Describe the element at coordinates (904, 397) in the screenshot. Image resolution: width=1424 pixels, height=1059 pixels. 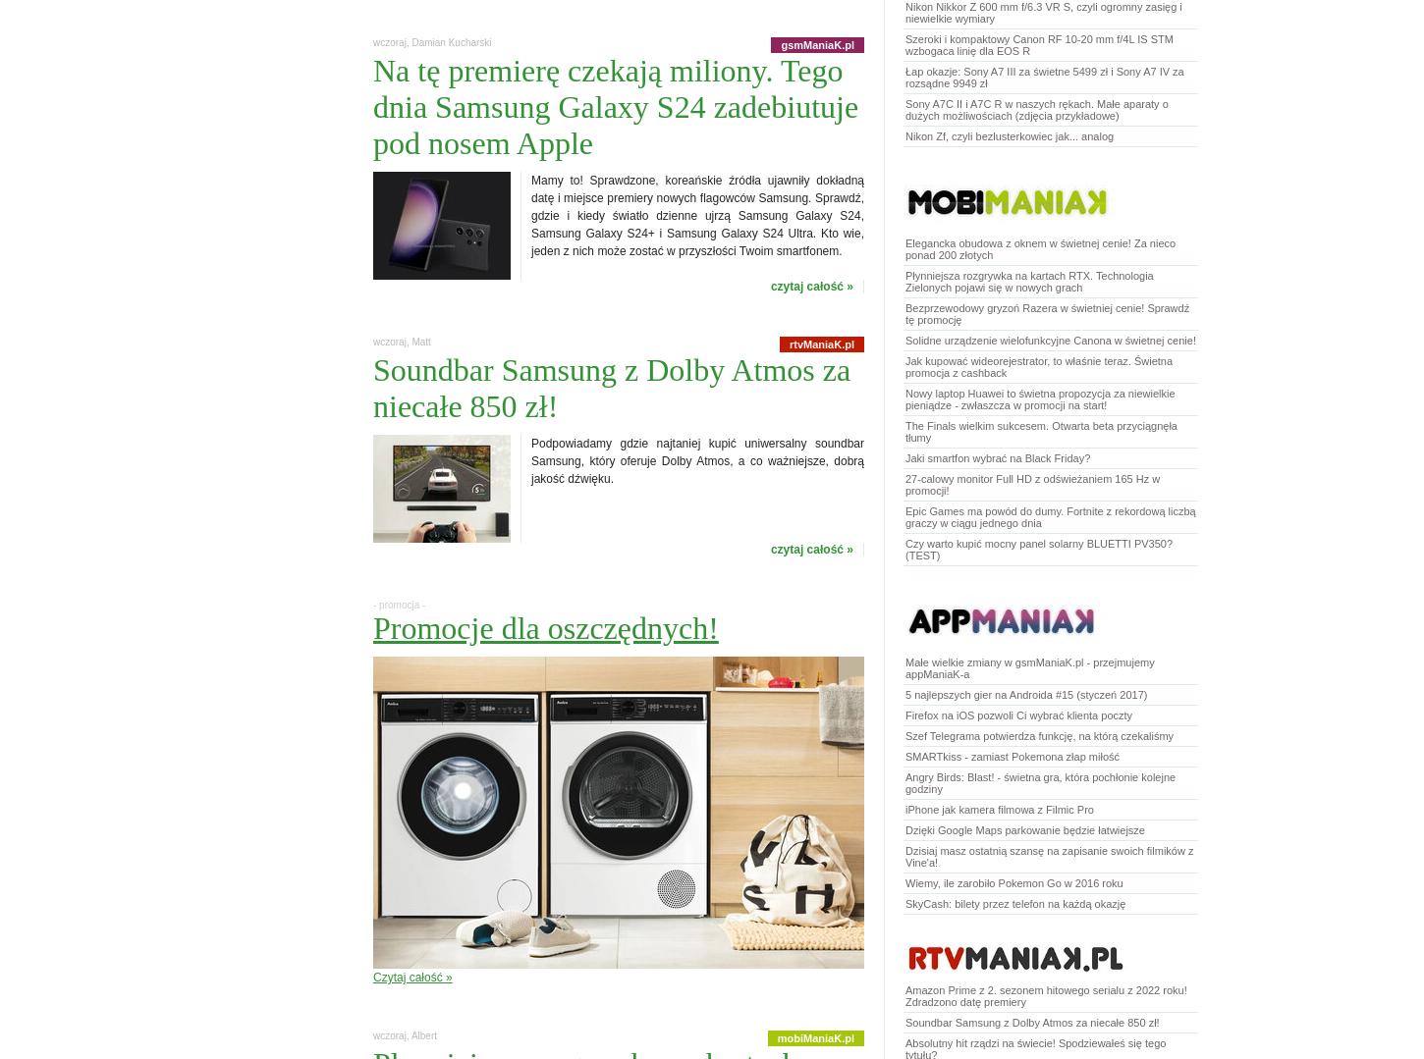
I see `'Nowy laptop Huawei to świetna propozycja za niewielkie pieniądze - zwłaszcza w promocji na start!'` at that location.